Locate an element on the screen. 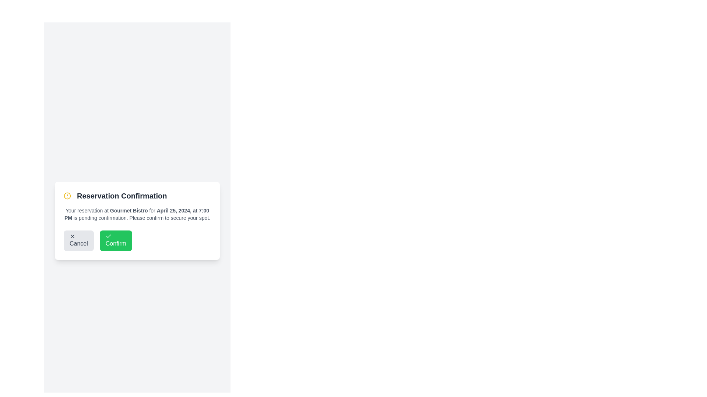  the 'Cancel' button with rounded corners, which has a light gray background and dark gray text is located at coordinates (78, 241).